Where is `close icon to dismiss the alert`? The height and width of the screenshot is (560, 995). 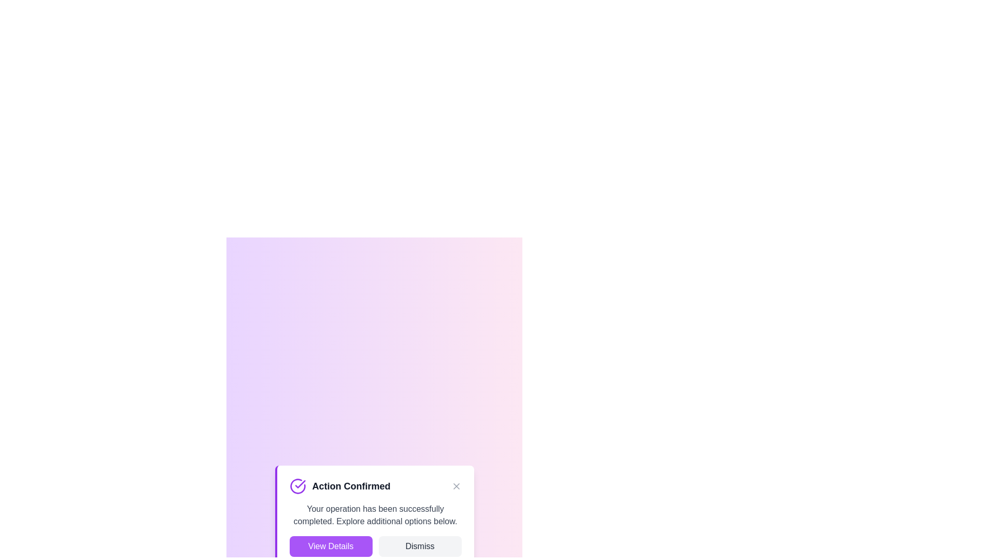 close icon to dismiss the alert is located at coordinates (456, 486).